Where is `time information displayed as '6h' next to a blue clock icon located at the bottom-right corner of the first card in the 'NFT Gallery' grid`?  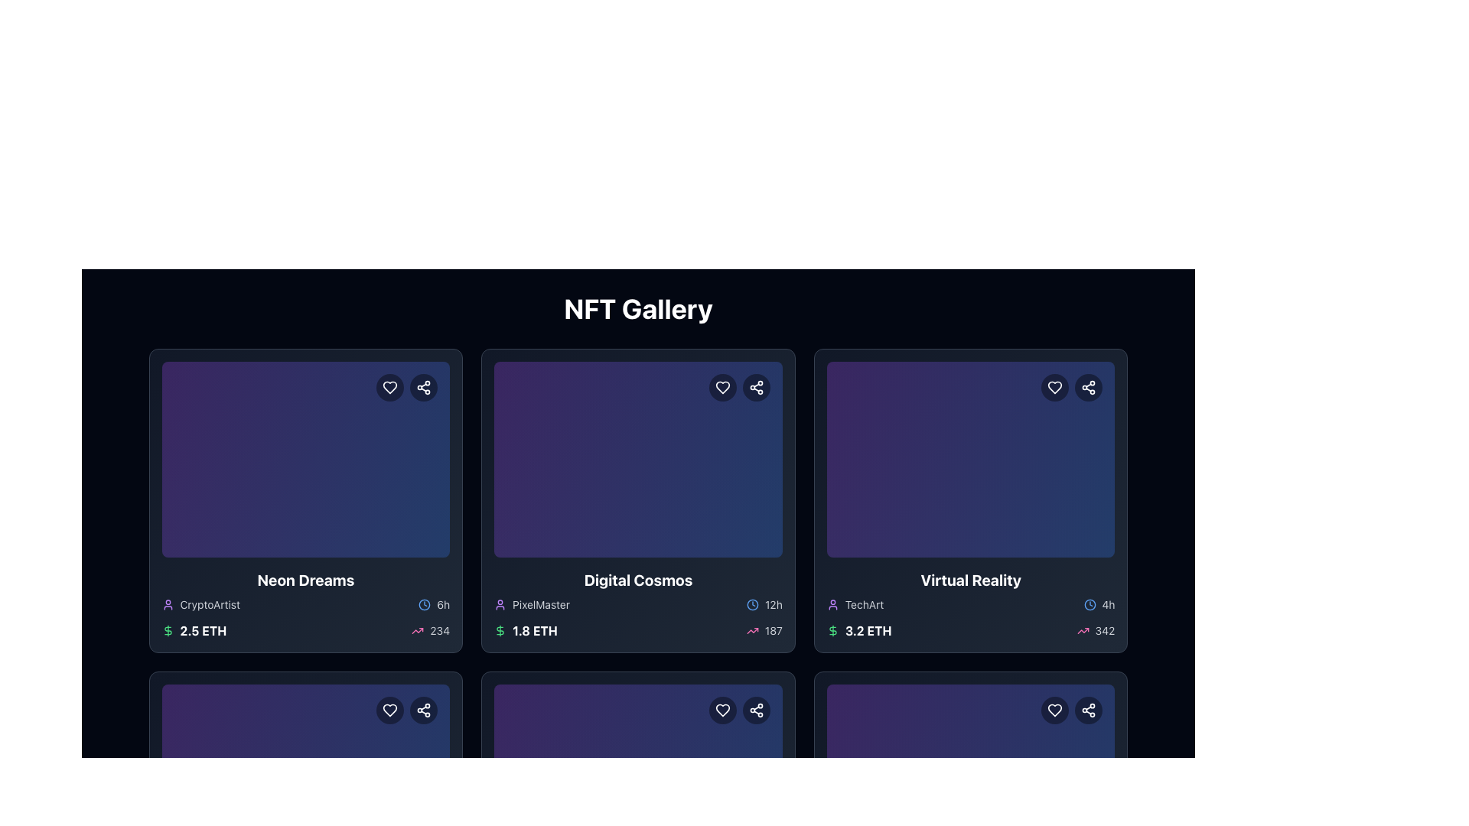 time information displayed as '6h' next to a blue clock icon located at the bottom-right corner of the first card in the 'NFT Gallery' grid is located at coordinates (433, 603).